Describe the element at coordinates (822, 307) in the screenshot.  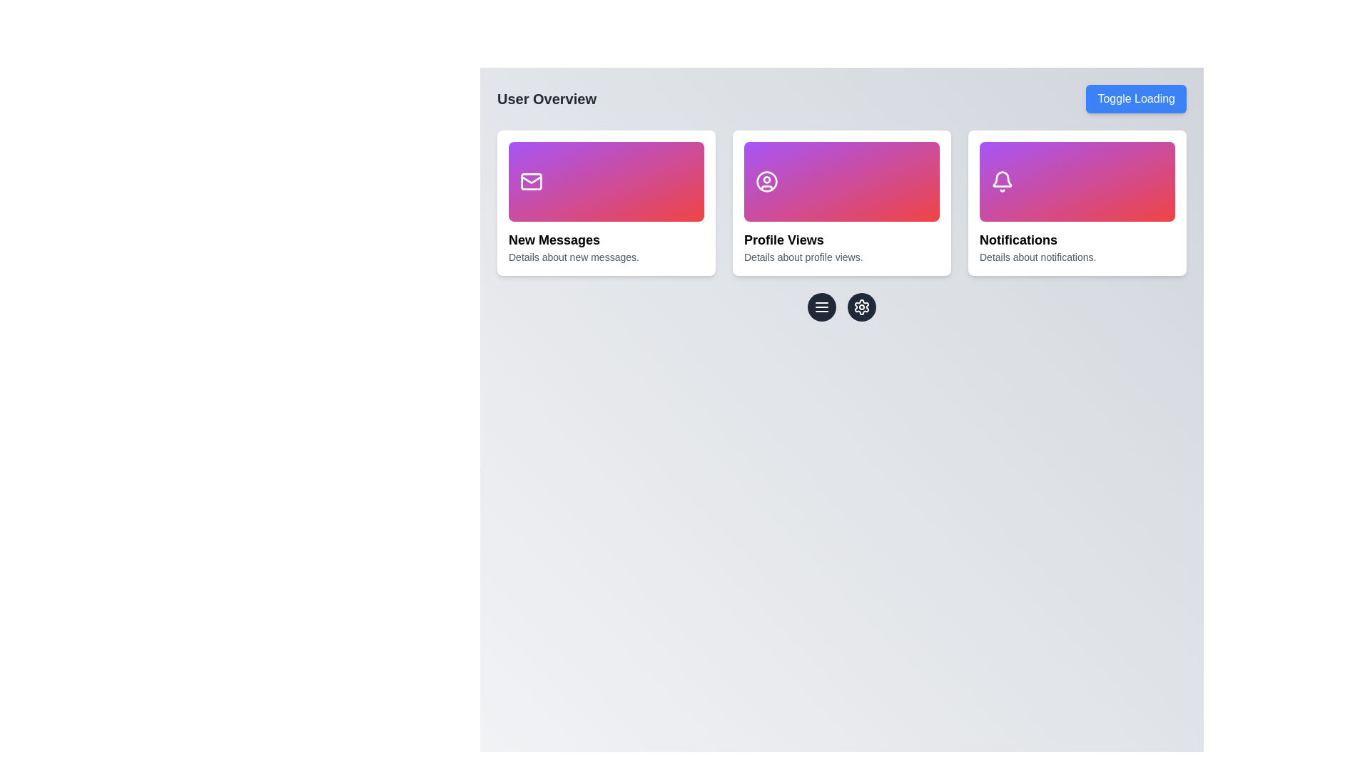
I see `the circular button with a dark gray background and white horizontal lines resembling a menu icon` at that location.